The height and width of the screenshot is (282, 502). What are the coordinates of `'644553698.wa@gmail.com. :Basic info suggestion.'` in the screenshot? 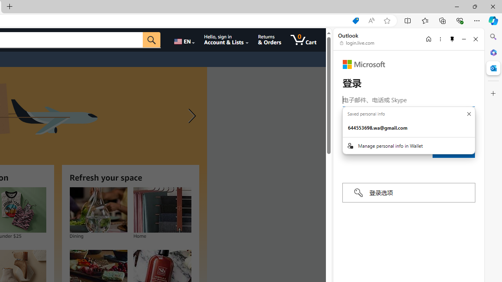 It's located at (408, 128).